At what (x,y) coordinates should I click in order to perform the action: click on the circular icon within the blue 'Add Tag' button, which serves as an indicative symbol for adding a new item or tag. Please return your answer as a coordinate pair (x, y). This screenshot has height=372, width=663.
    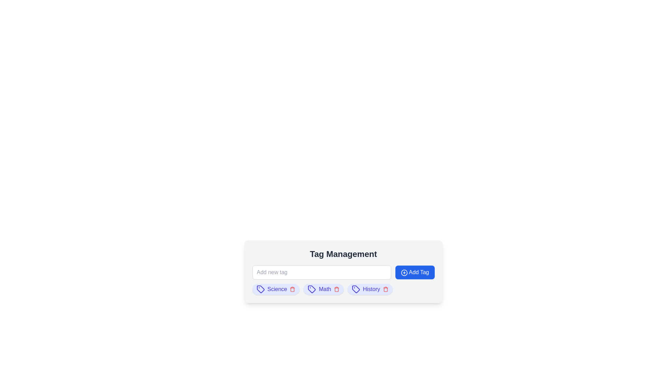
    Looking at the image, I should click on (404, 272).